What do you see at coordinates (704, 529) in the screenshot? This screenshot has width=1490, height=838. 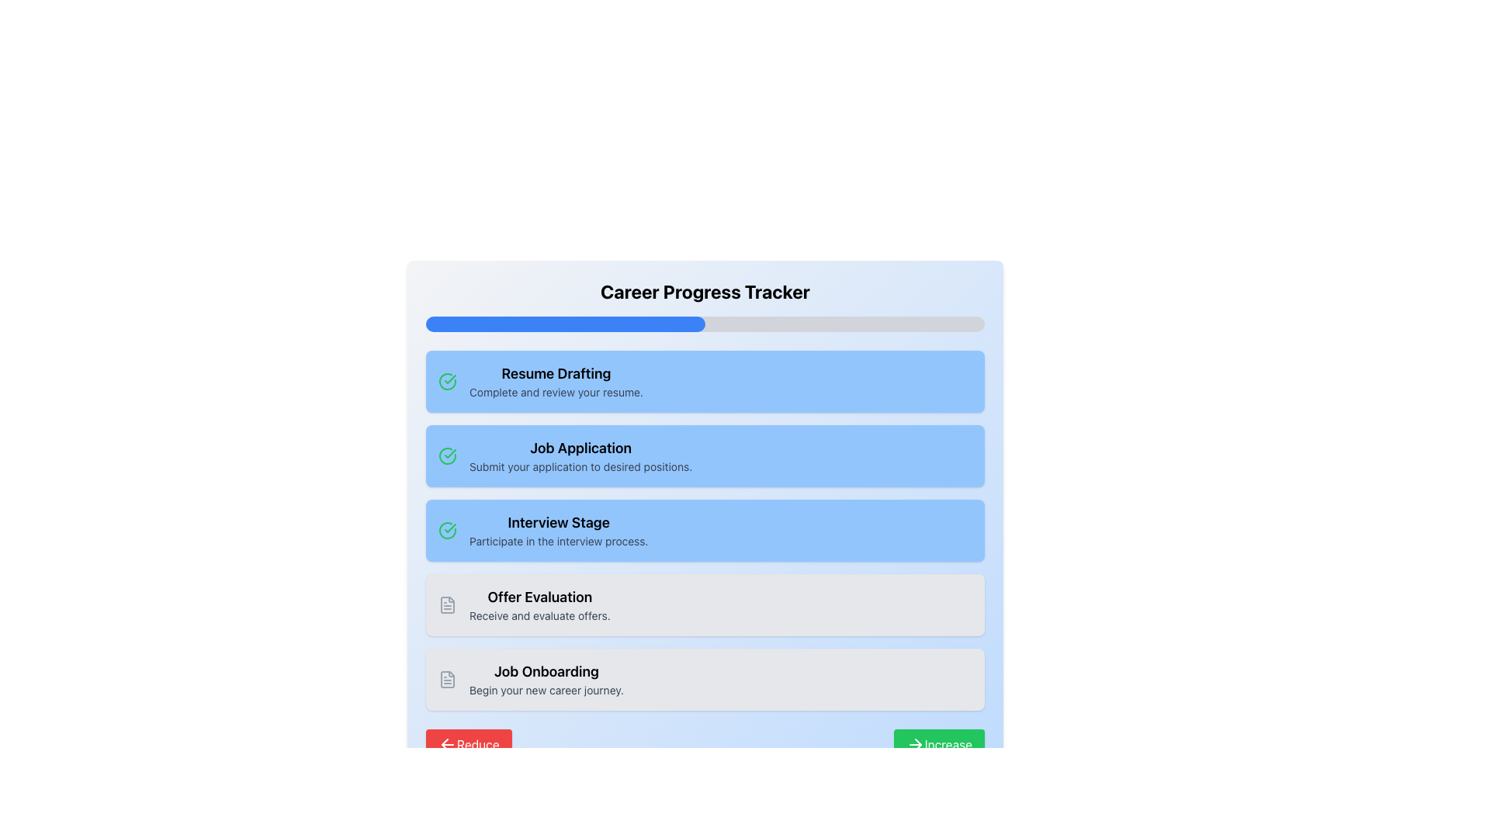 I see `the third list item in the workflow interface, which indicates the 'Interview Stage' and is positioned between 'Job Application' and 'Offer Evaluation'` at bounding box center [704, 529].